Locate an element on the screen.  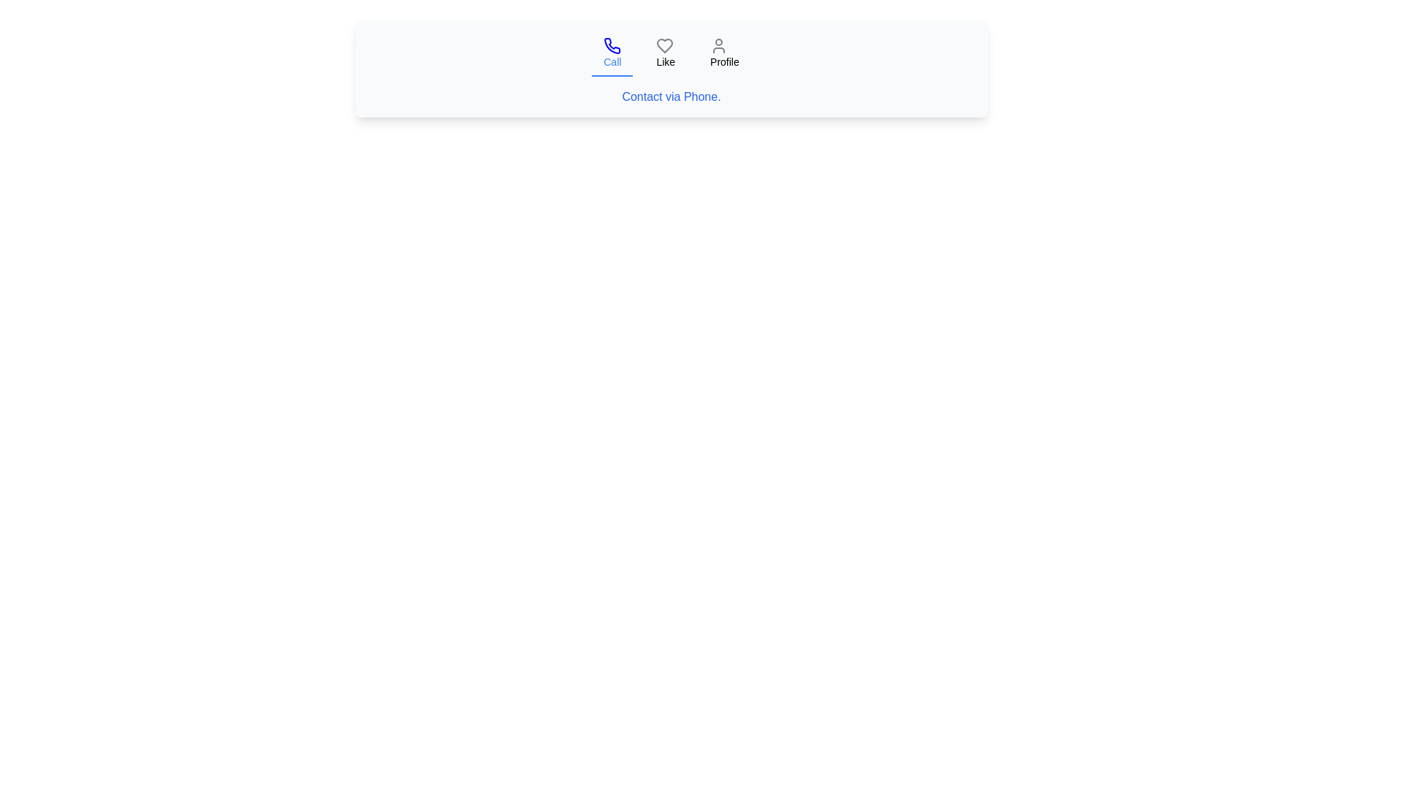
the user profile icon located in the top-right segment of the central navigation bar is located at coordinates (718, 45).